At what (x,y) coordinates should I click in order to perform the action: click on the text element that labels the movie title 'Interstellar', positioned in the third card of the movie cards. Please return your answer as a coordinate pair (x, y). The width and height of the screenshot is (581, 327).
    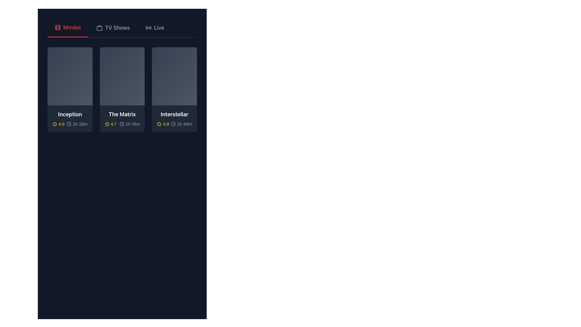
    Looking at the image, I should click on (174, 114).